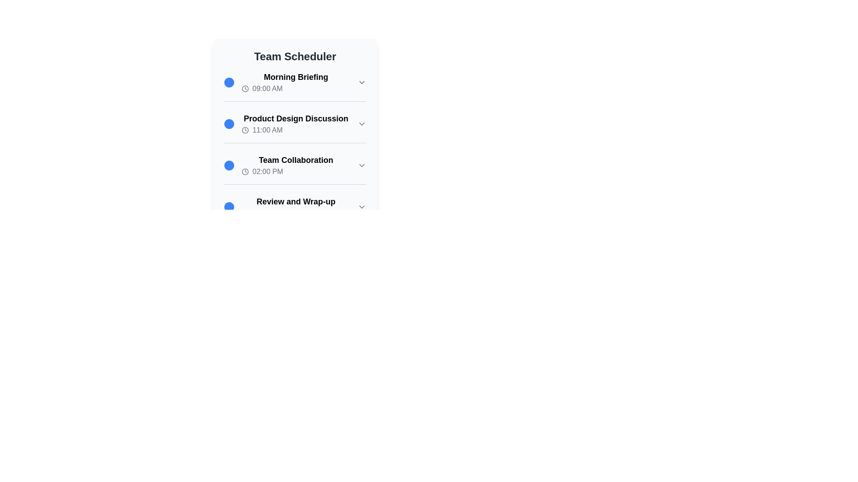  Describe the element at coordinates (362, 207) in the screenshot. I see `the toggle button at the far right side of the 'Review and Wrap-up 04:30 PM' entry` at that location.